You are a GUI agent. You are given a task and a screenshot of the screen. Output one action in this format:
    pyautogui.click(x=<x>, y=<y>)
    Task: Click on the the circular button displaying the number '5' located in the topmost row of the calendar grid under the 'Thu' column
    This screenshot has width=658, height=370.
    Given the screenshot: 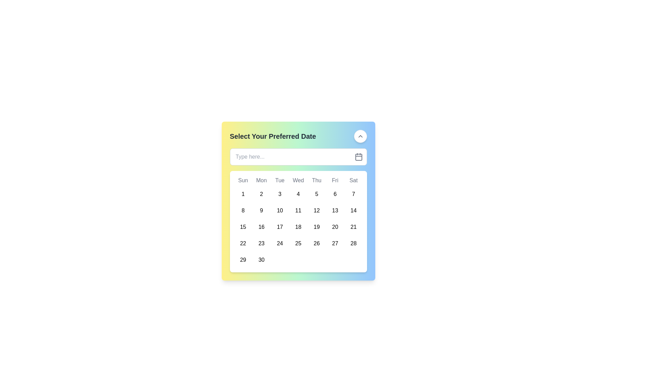 What is the action you would take?
    pyautogui.click(x=316, y=194)
    